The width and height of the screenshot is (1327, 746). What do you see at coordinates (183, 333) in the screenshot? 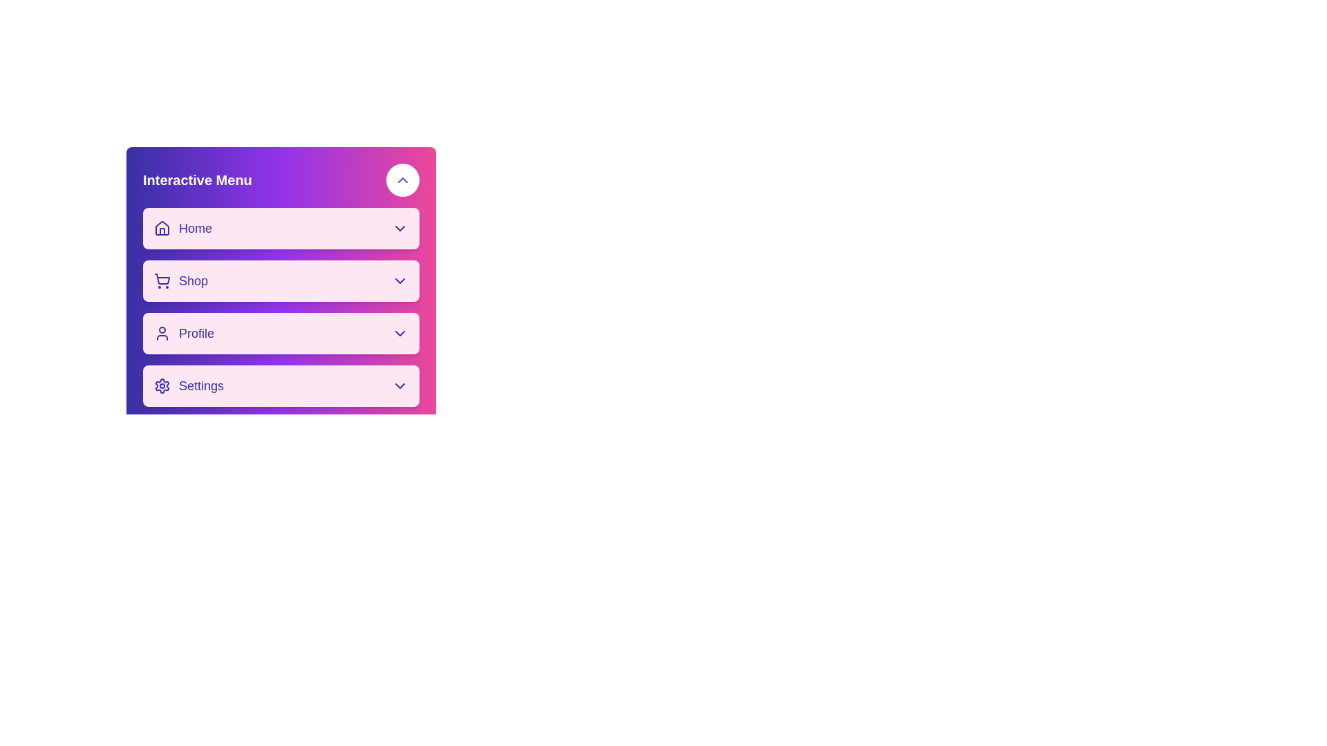
I see `the 'Profile' menu item, which is the third option in the interactive menu located between 'Shop' and 'Settings'` at bounding box center [183, 333].